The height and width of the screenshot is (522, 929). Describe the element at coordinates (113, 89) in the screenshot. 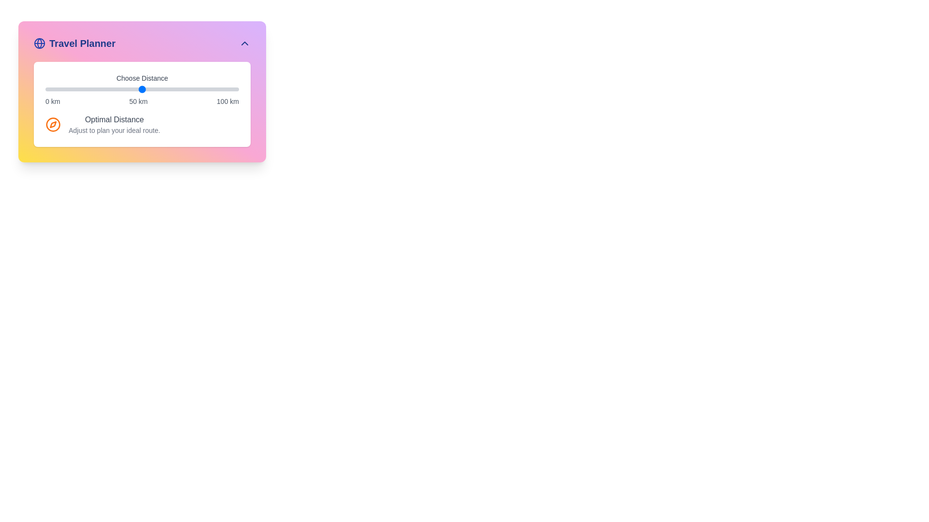

I see `the slider` at that location.